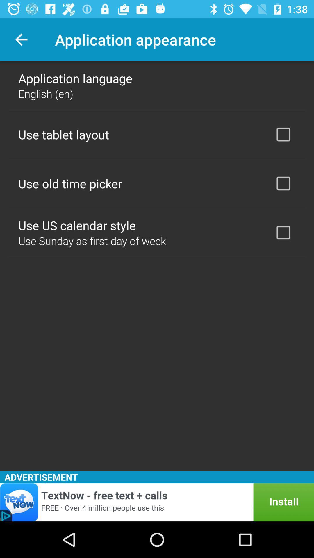 This screenshot has width=314, height=558. Describe the element at coordinates (21, 39) in the screenshot. I see `icon next to the application appearance item` at that location.